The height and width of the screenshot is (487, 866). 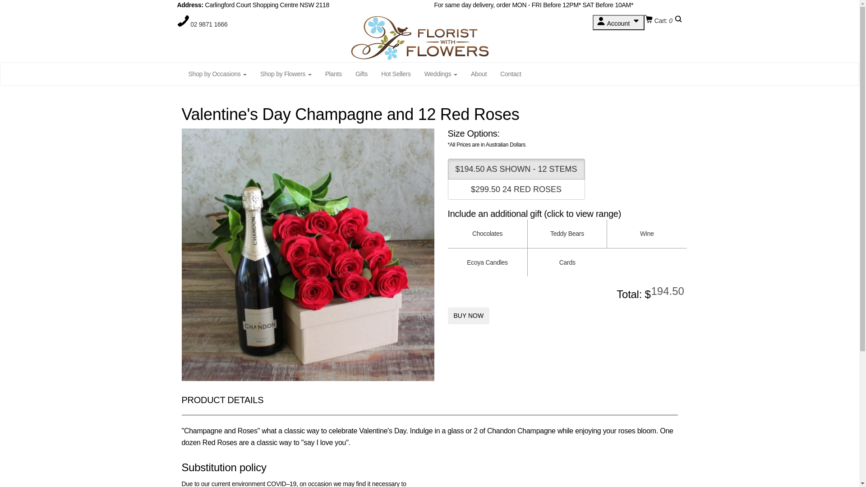 What do you see at coordinates (285, 74) in the screenshot?
I see `'Shop by Flowers'` at bounding box center [285, 74].